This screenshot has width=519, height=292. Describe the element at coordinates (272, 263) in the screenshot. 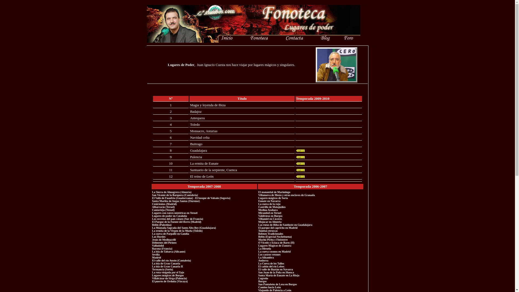

I see `'La Cueva de los Tallos  '` at that location.